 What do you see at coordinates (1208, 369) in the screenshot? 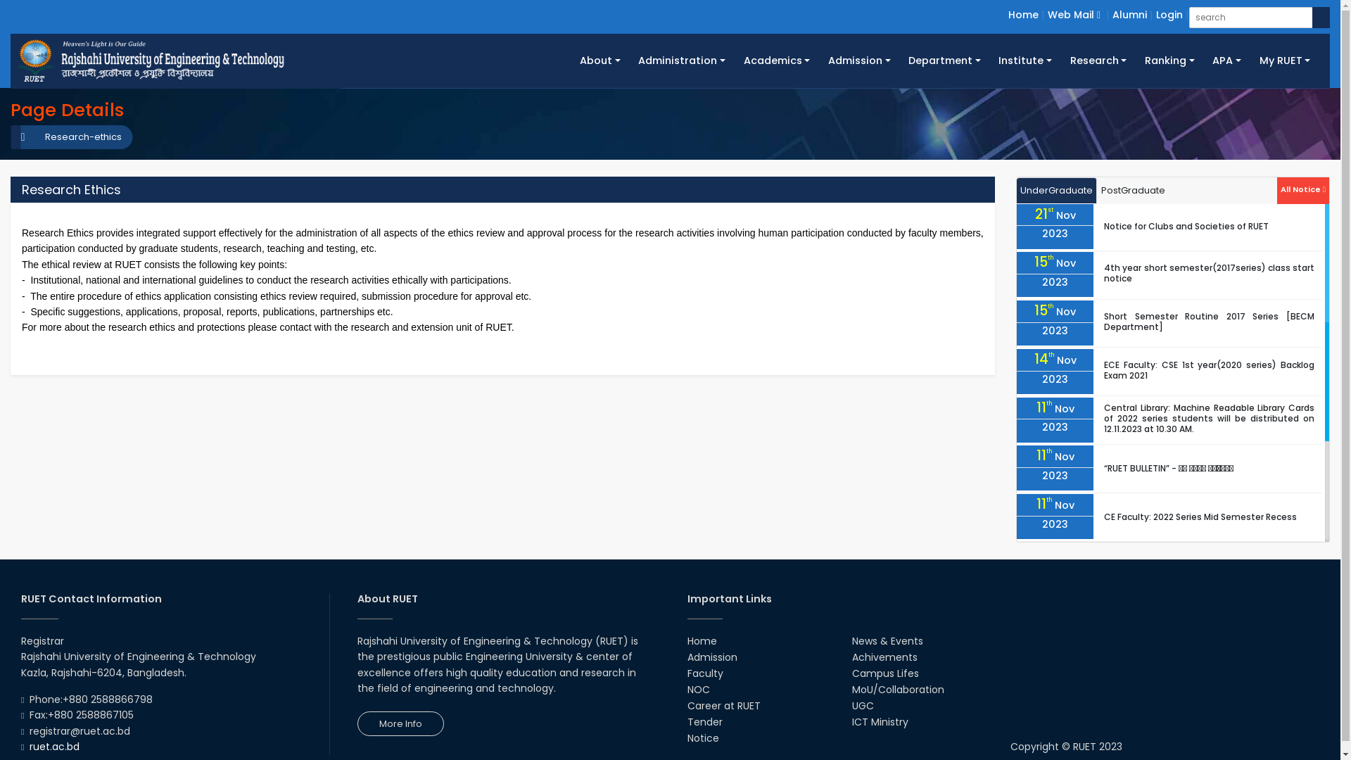
I see `'ECE Faculty: CSE 1st year(2020 series) Backlog Exam 2021'` at bounding box center [1208, 369].